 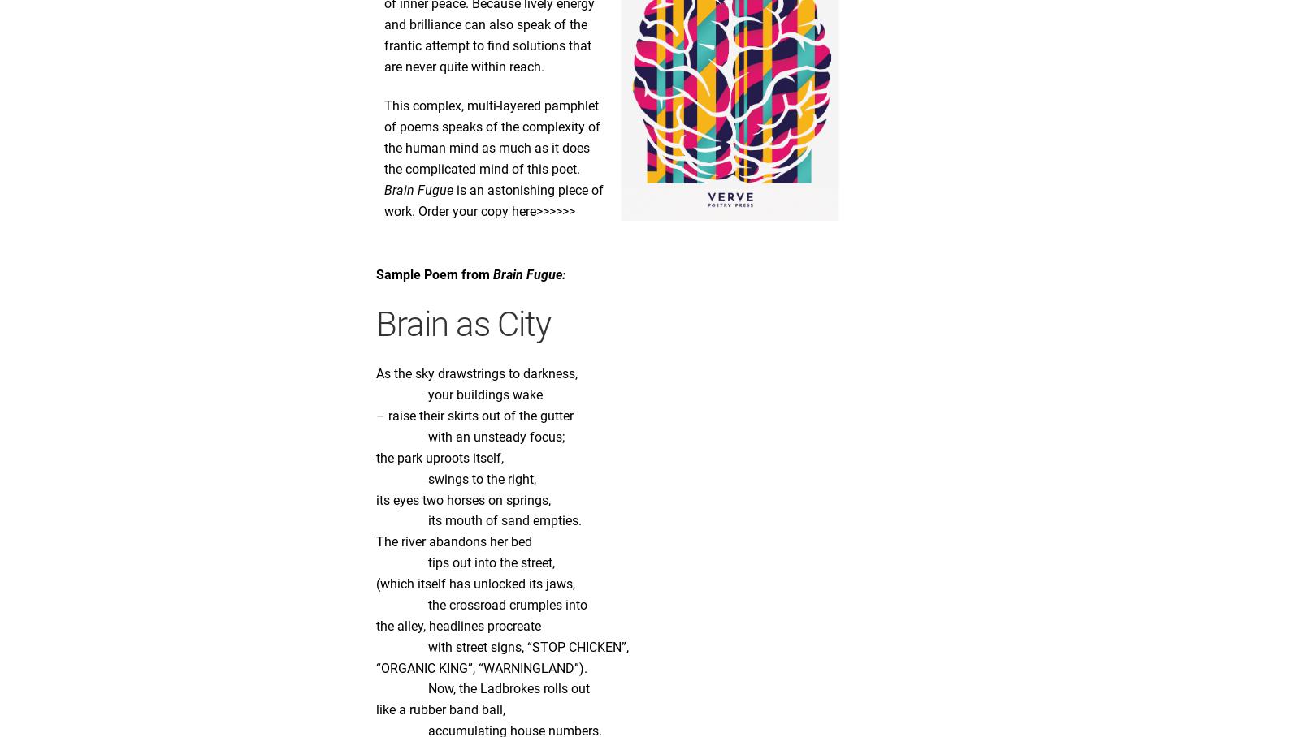 What do you see at coordinates (502, 646) in the screenshot?
I see `'with street signs, “STOP CHICKEN”,'` at bounding box center [502, 646].